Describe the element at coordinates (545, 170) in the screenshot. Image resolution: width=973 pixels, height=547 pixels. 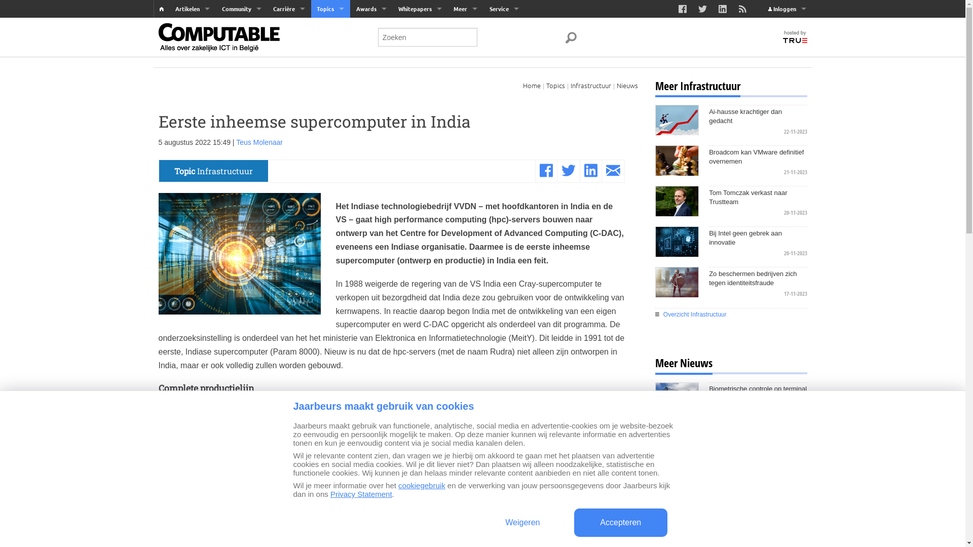
I see `'Share via Facebook'` at that location.